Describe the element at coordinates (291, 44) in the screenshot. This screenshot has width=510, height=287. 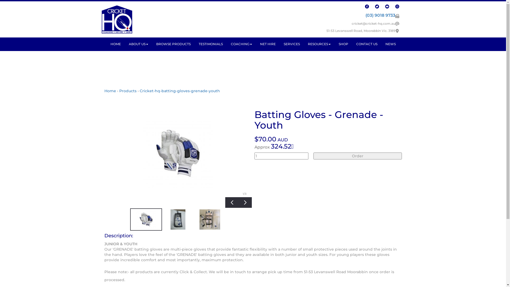
I see `'SERVICES'` at that location.